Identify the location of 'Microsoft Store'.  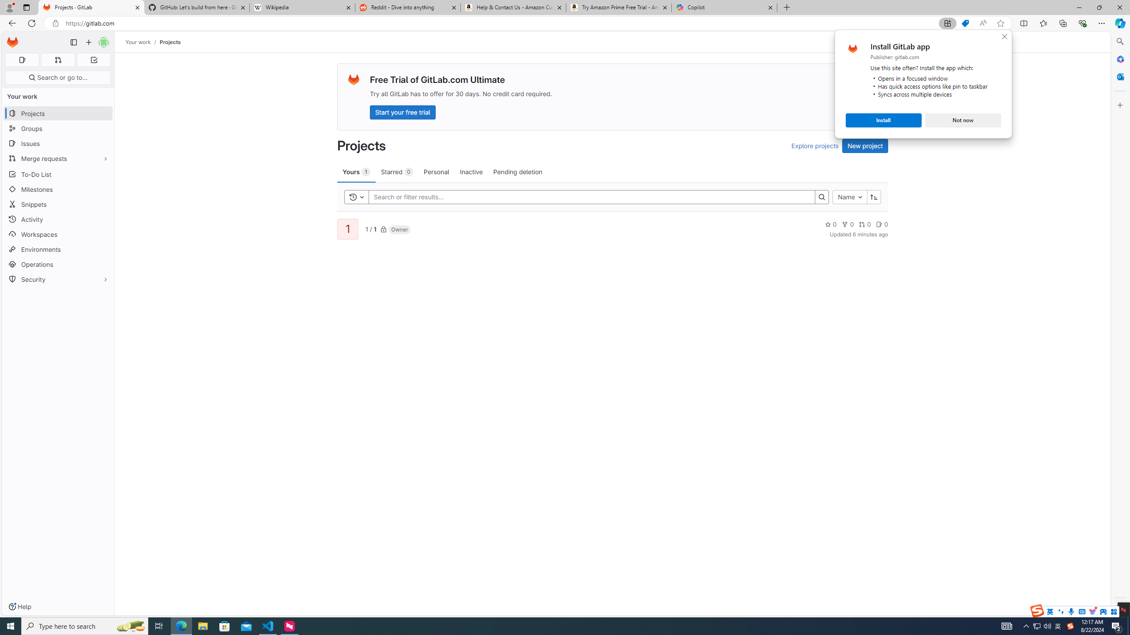
(225, 625).